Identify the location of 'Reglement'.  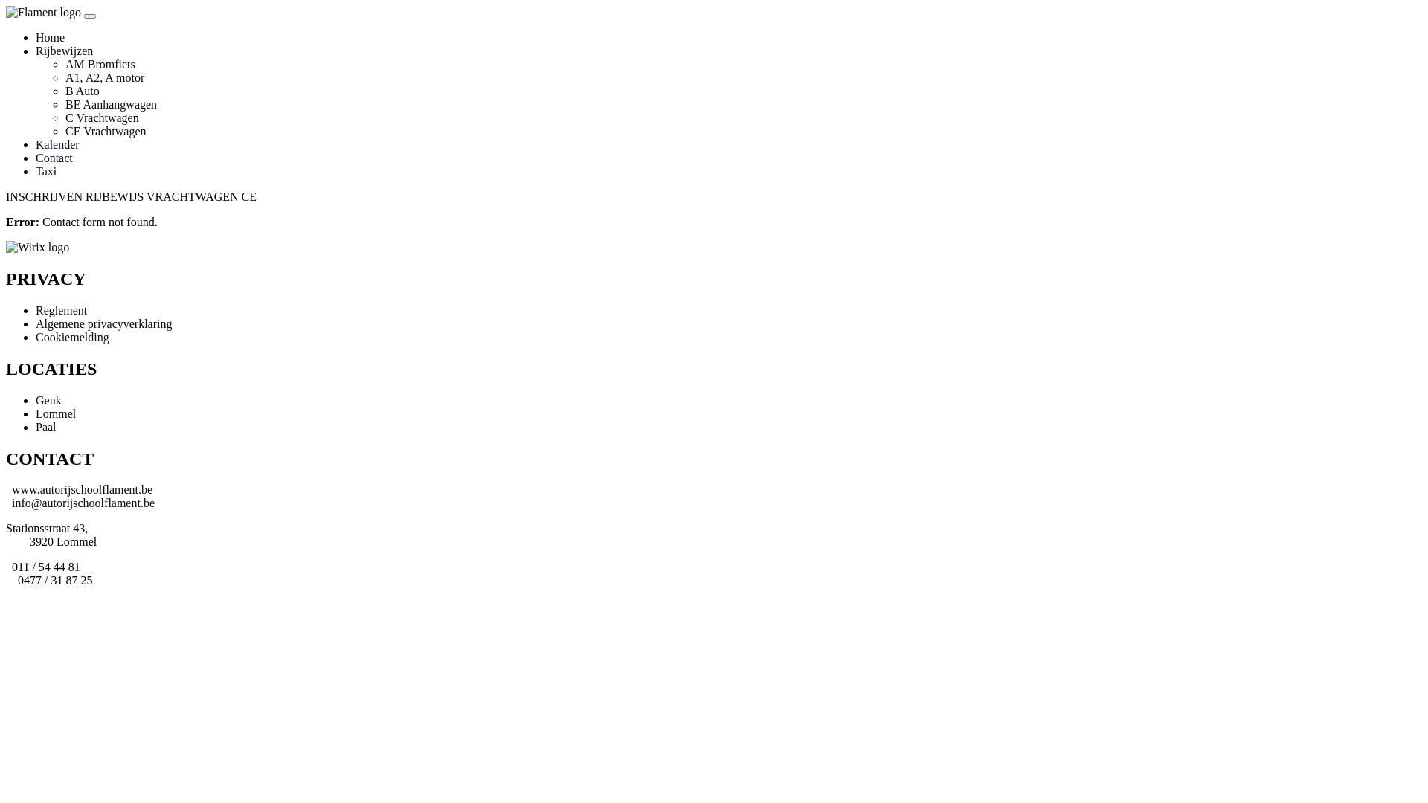
(60, 309).